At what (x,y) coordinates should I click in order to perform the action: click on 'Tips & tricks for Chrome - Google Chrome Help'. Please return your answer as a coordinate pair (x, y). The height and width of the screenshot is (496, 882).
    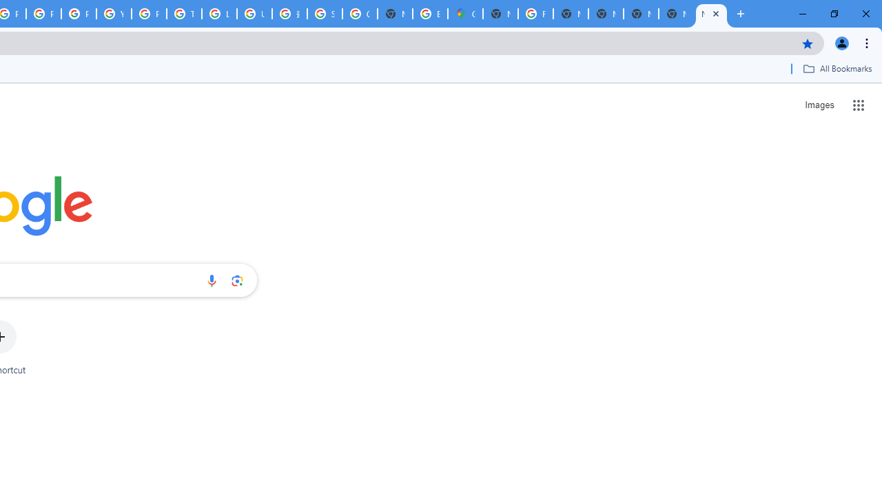
    Looking at the image, I should click on (183, 14).